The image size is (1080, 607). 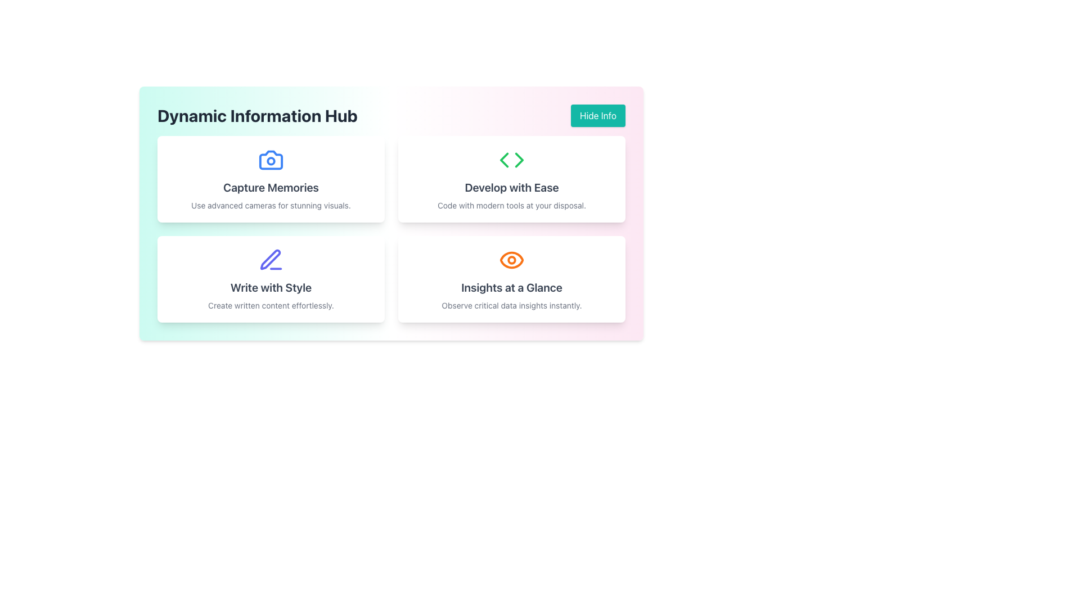 What do you see at coordinates (271, 160) in the screenshot?
I see `the decorative camera icon located in the upper-left card of the four-card grid, which is centered above the text 'Capture Memories'` at bounding box center [271, 160].